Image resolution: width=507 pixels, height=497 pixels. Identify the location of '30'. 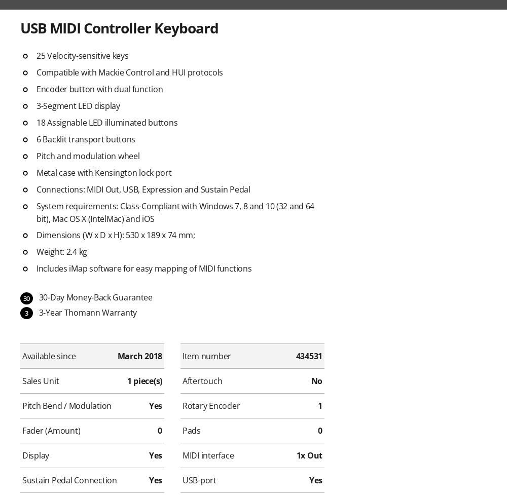
(23, 298).